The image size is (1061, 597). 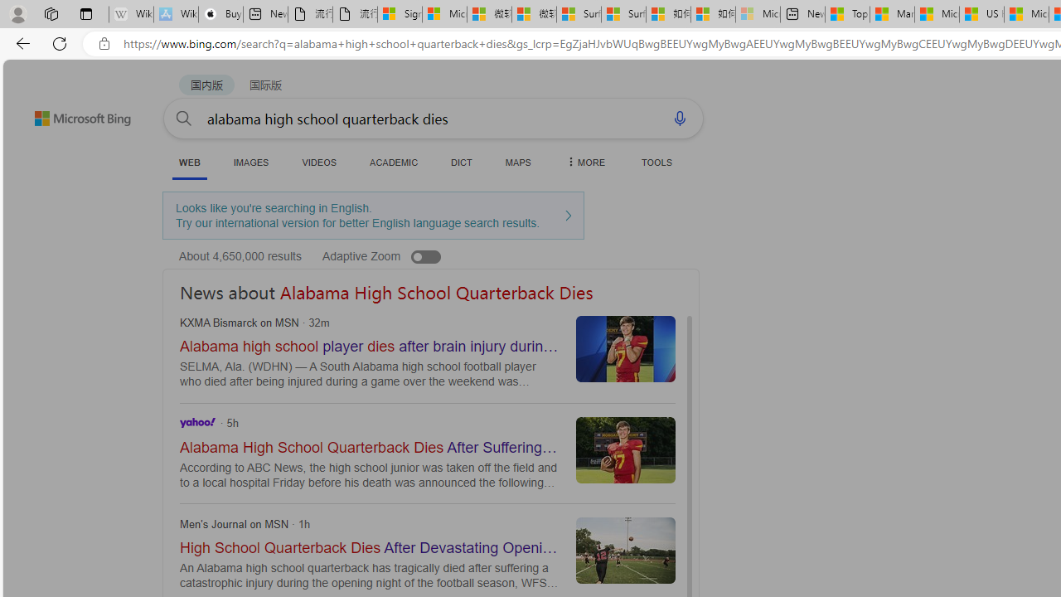 I want to click on 'Buy iPad - Apple', so click(x=220, y=14).